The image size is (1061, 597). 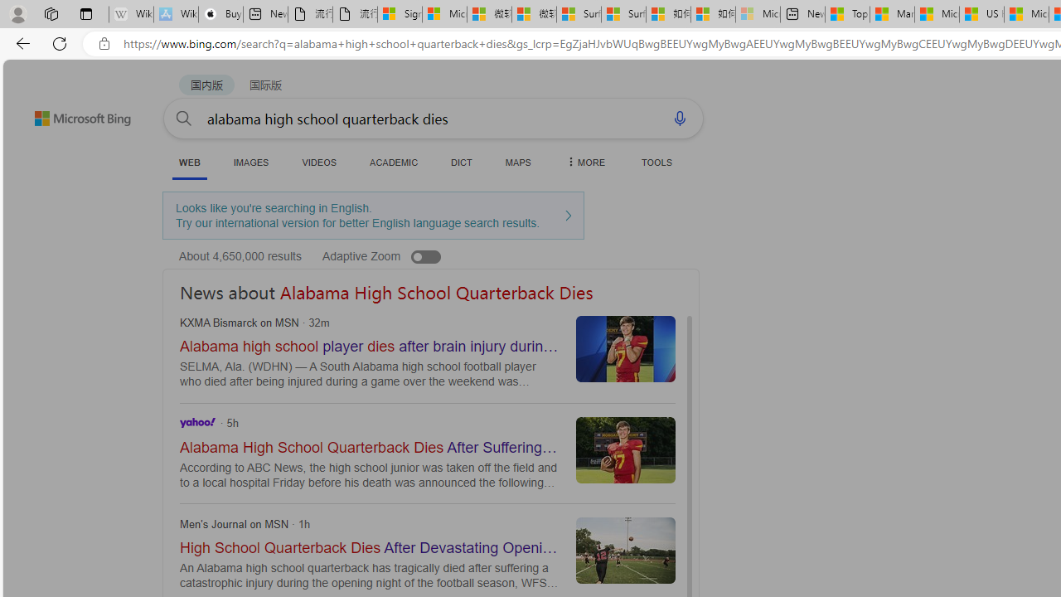 I want to click on 'Buy iPad - Apple', so click(x=220, y=14).